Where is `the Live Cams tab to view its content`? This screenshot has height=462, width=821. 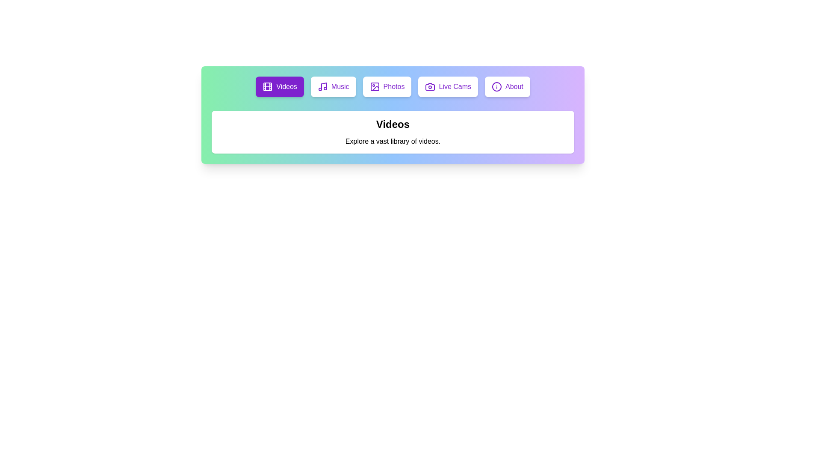
the Live Cams tab to view its content is located at coordinates (447, 87).